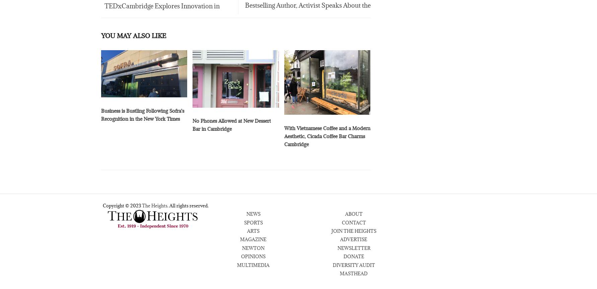 The height and width of the screenshot is (289, 597). Describe the element at coordinates (252, 223) in the screenshot. I see `'SPORTS'` at that location.